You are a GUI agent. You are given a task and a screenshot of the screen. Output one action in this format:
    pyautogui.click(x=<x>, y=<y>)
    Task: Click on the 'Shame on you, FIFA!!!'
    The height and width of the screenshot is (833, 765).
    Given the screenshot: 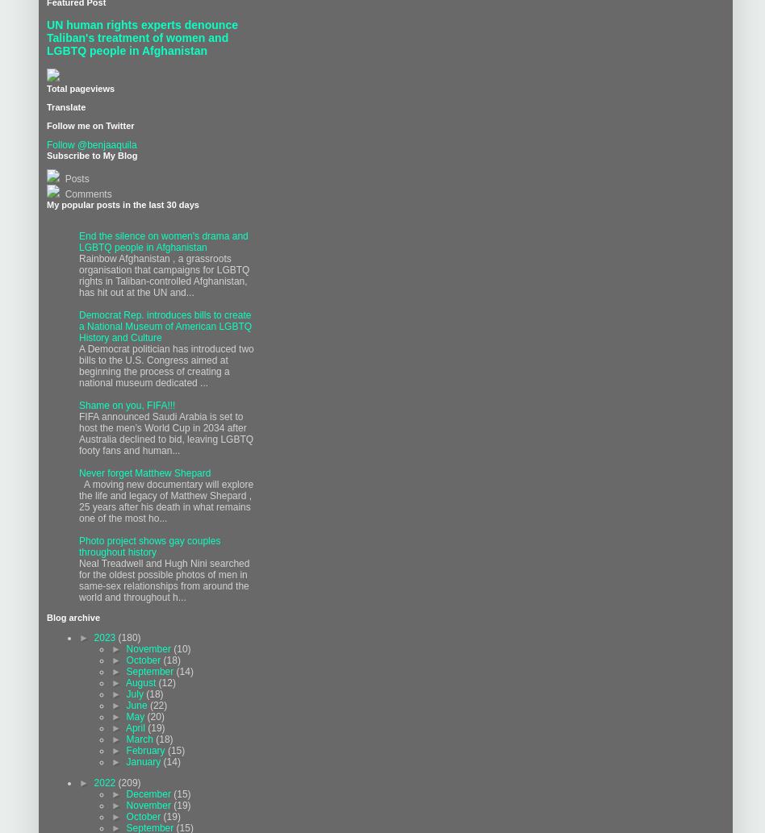 What is the action you would take?
    pyautogui.click(x=126, y=405)
    